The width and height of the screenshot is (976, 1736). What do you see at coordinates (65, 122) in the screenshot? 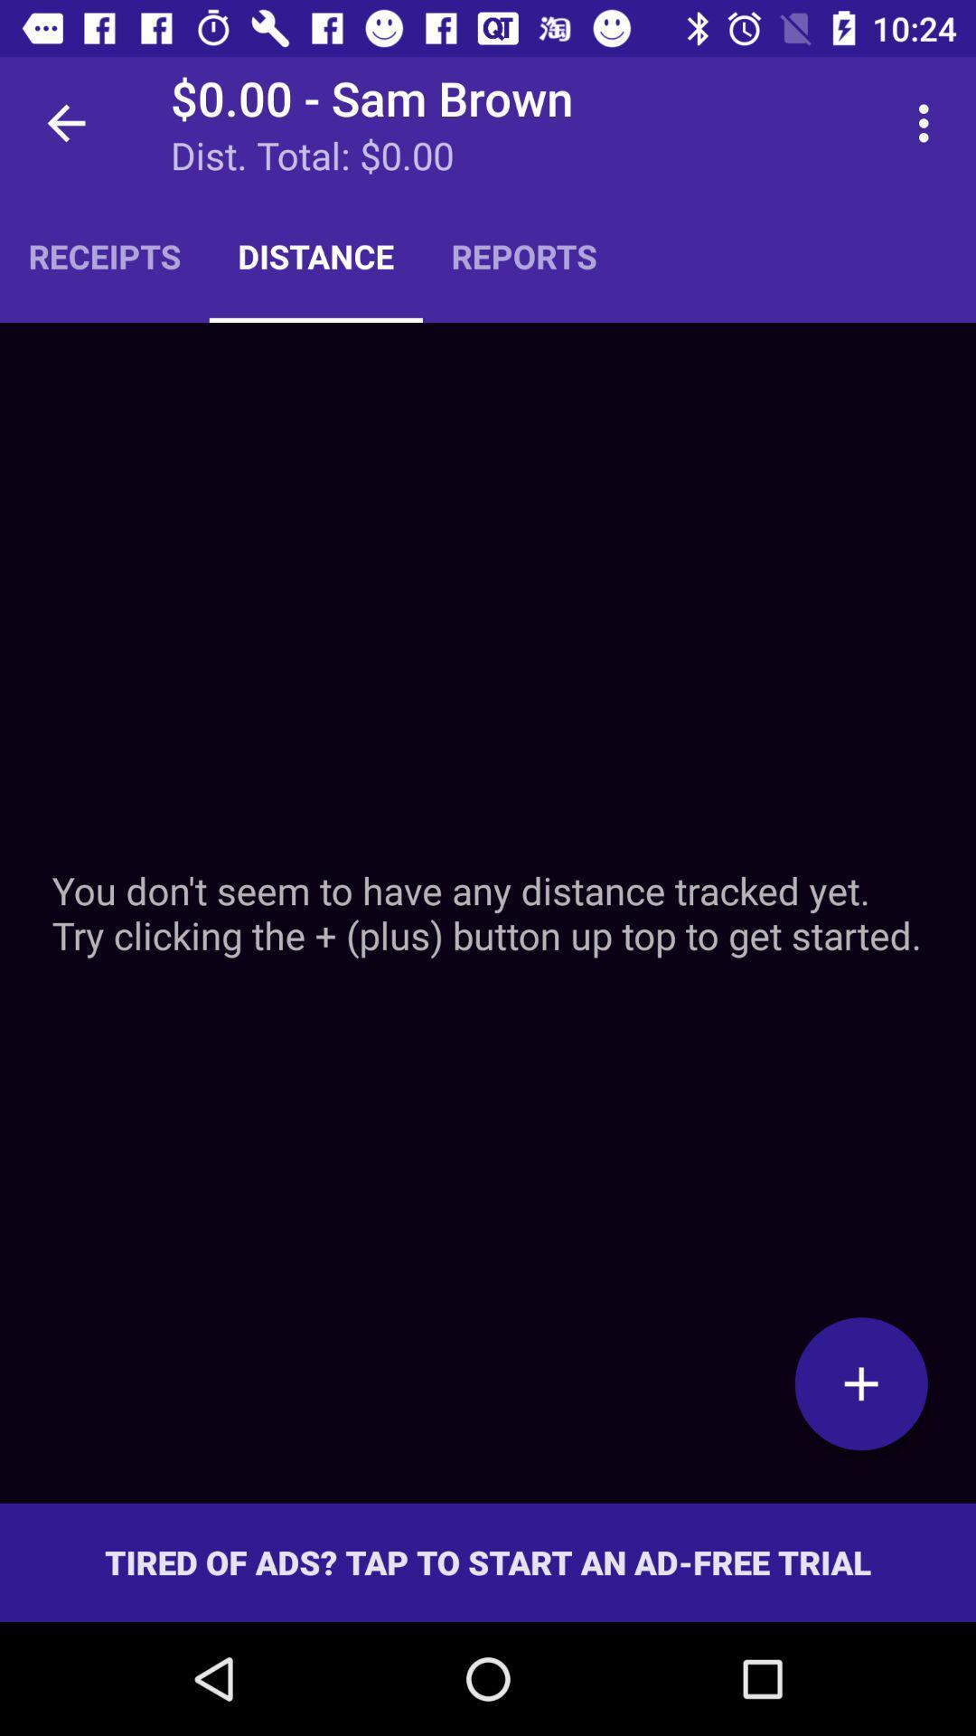
I see `the item next to 0 00 sam` at bounding box center [65, 122].